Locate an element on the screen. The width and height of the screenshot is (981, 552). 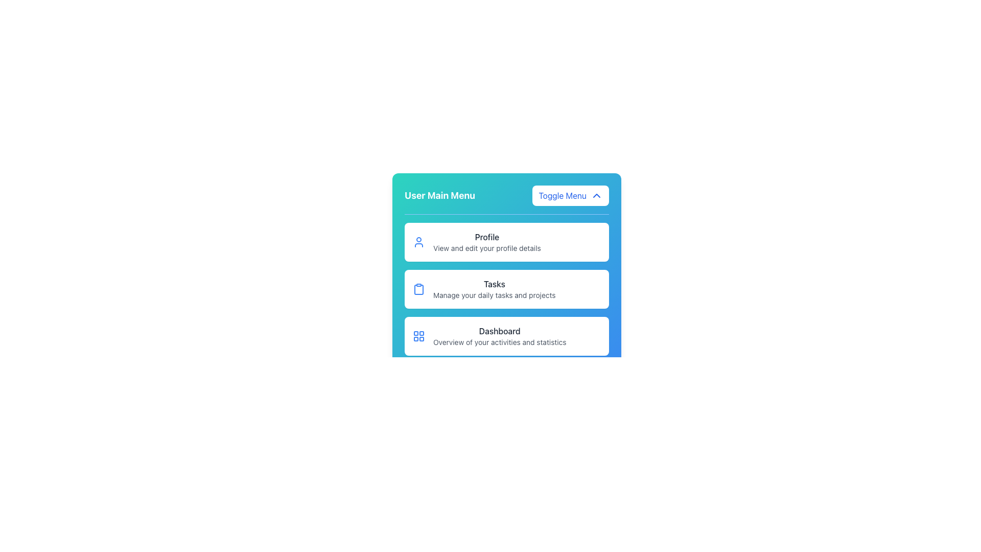
the 'Profile' card in the User Main Menu is located at coordinates (507, 242).